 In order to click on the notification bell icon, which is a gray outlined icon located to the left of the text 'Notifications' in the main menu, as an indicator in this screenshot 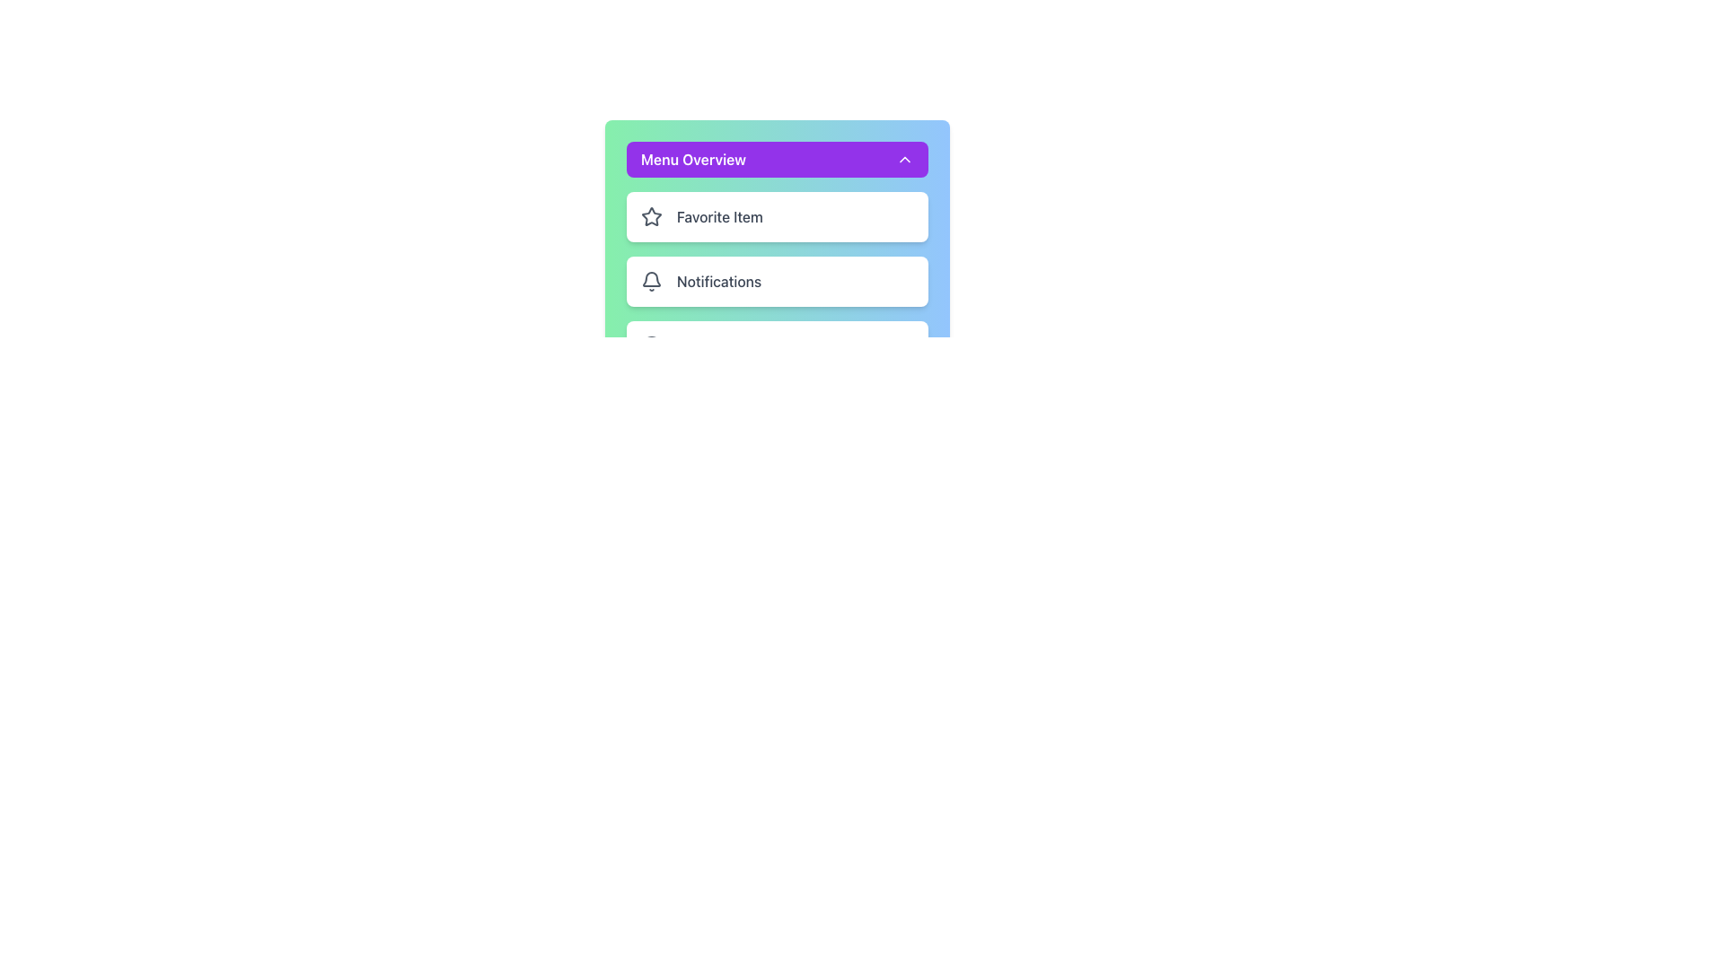, I will do `click(650, 281)`.